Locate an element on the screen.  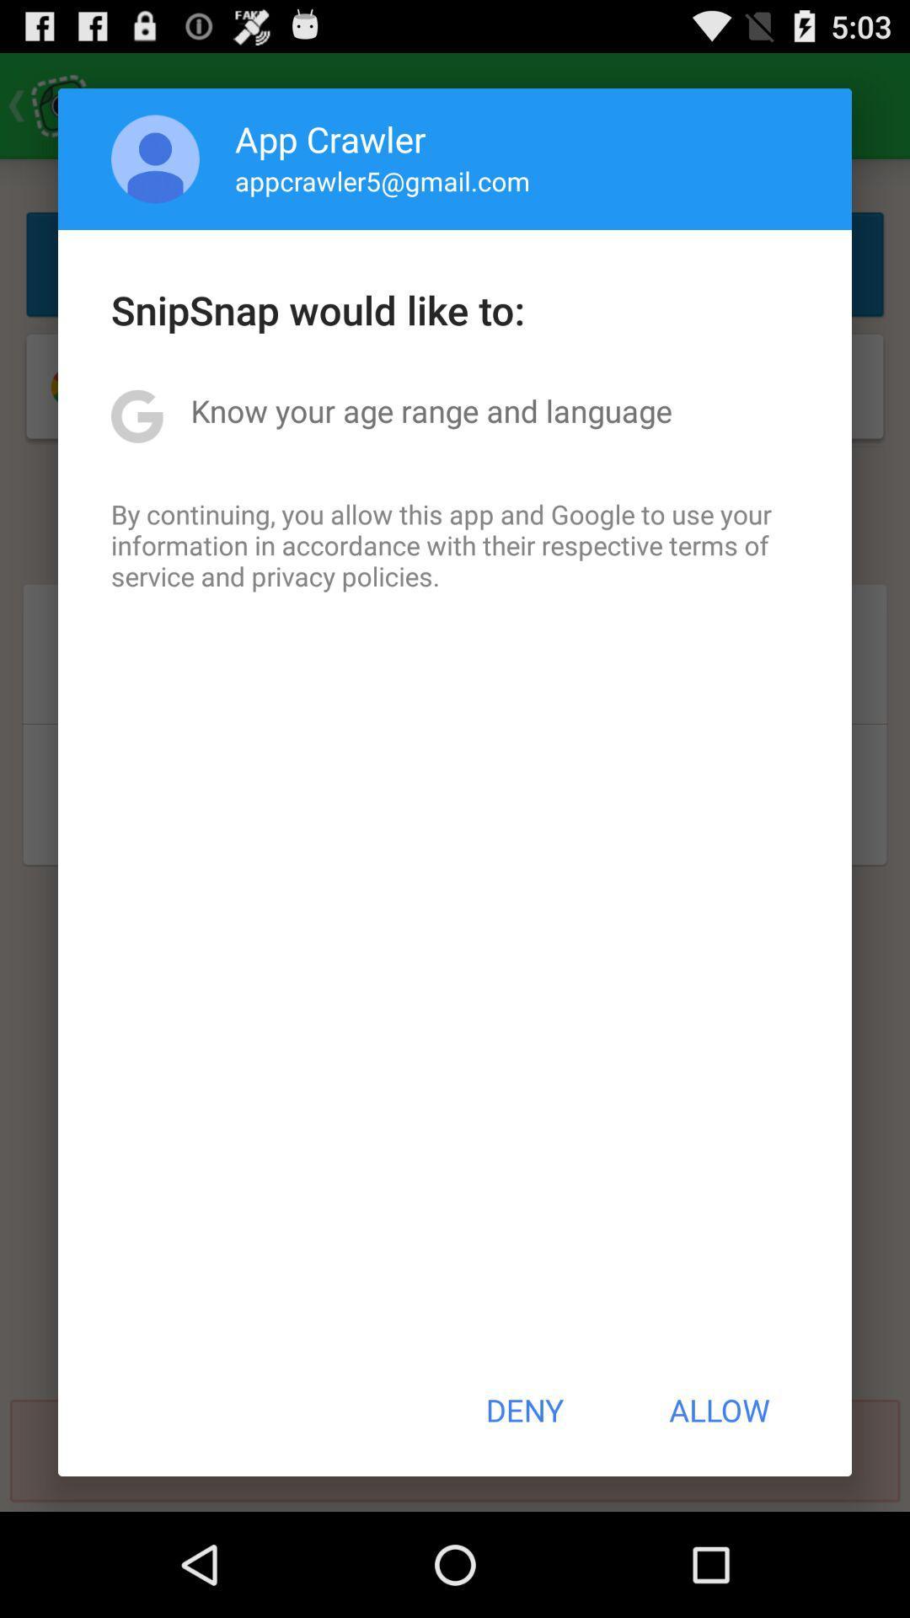
icon to the left of allow item is located at coordinates (523, 1410).